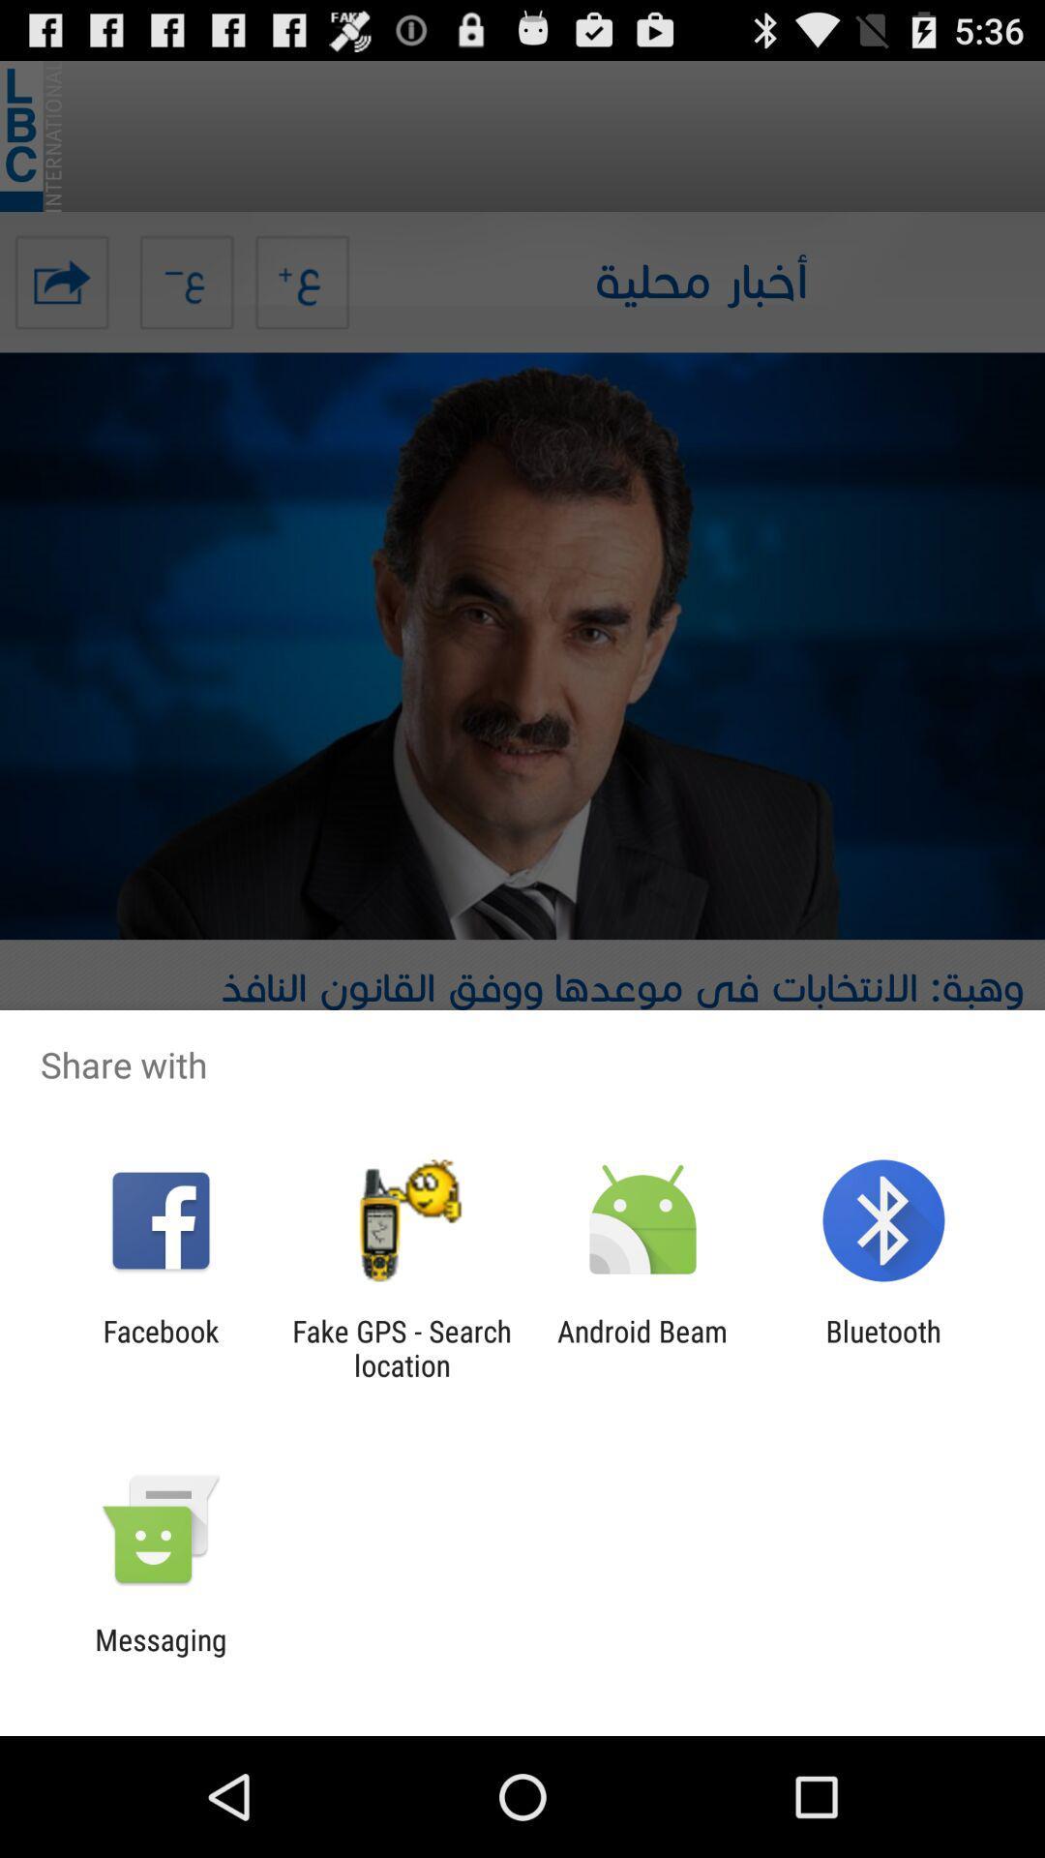  Describe the element at coordinates (883, 1347) in the screenshot. I see `item to the right of the android beam icon` at that location.